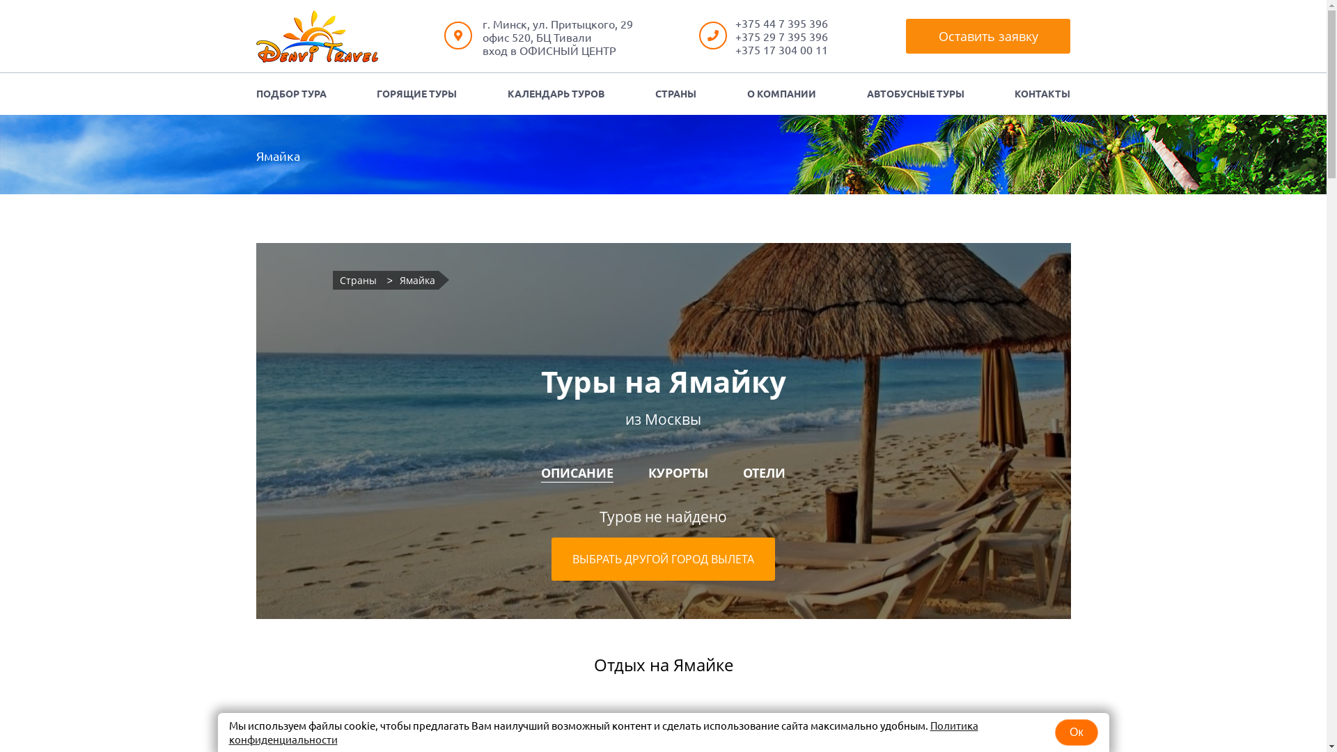  I want to click on '+375 44 7 395 396', so click(781, 23).